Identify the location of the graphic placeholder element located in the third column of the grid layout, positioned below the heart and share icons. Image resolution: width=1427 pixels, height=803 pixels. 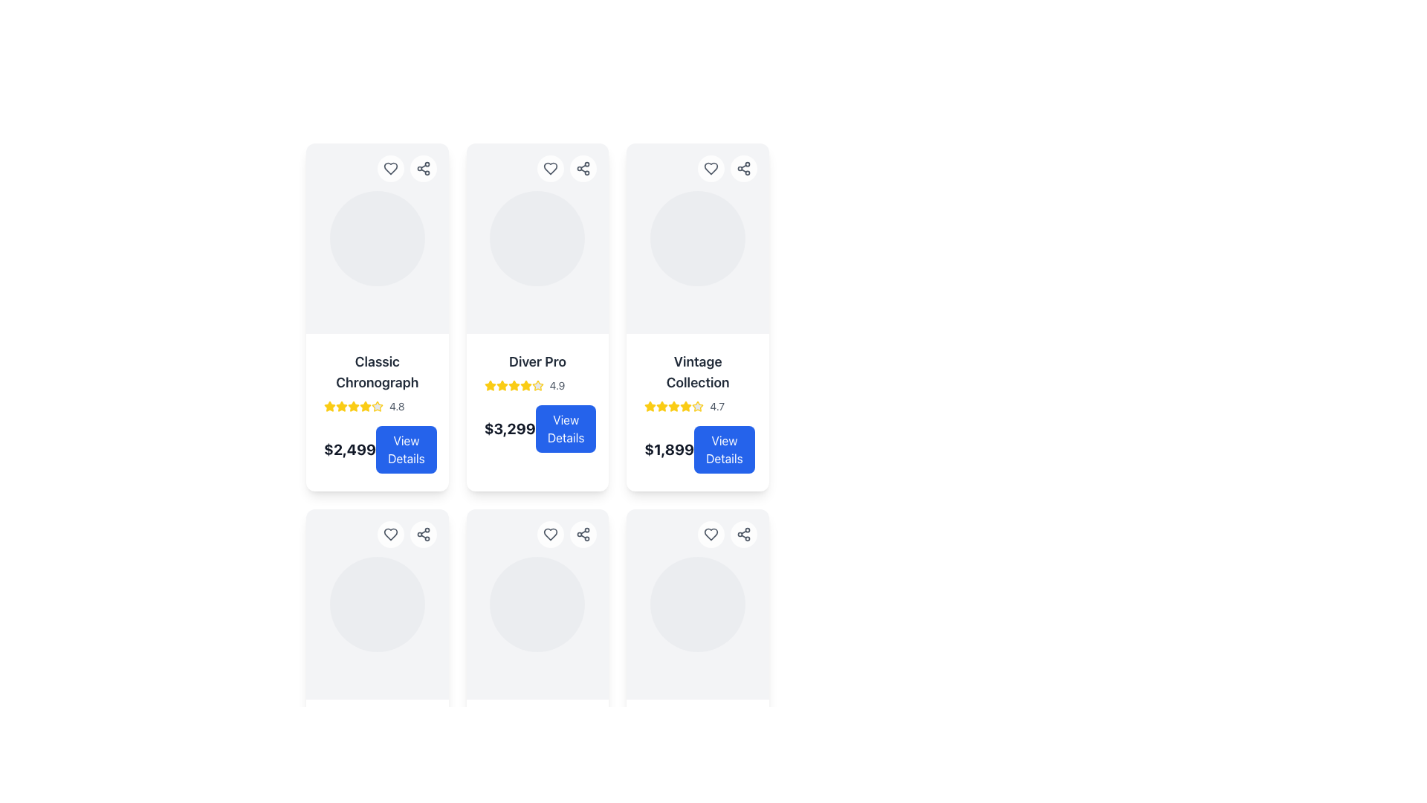
(377, 604).